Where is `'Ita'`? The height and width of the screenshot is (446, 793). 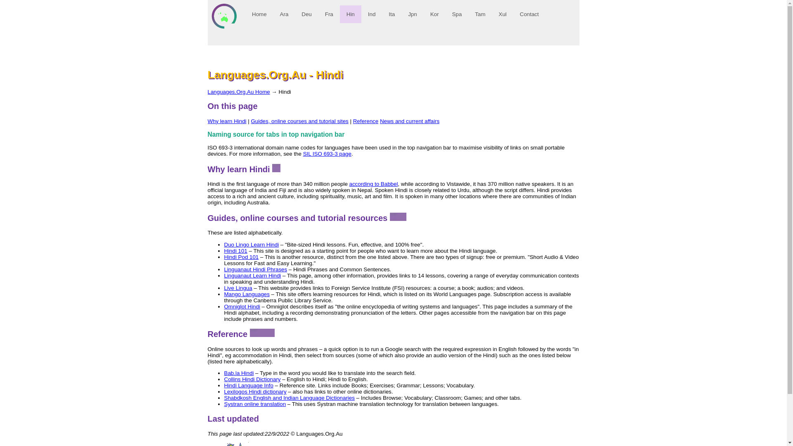
'Ita' is located at coordinates (391, 14).